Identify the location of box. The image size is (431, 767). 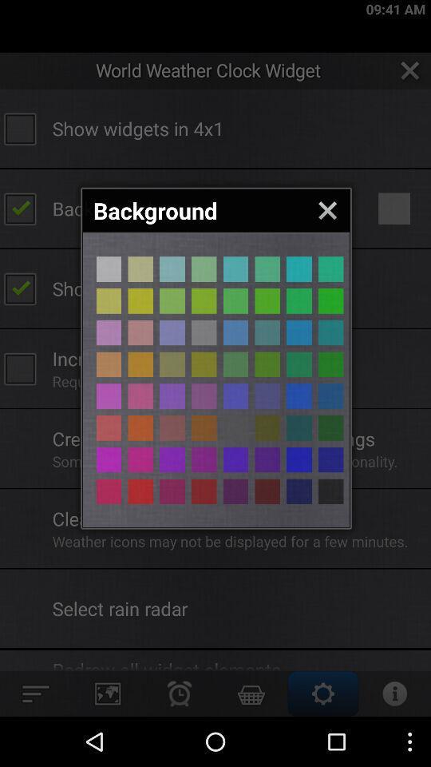
(172, 459).